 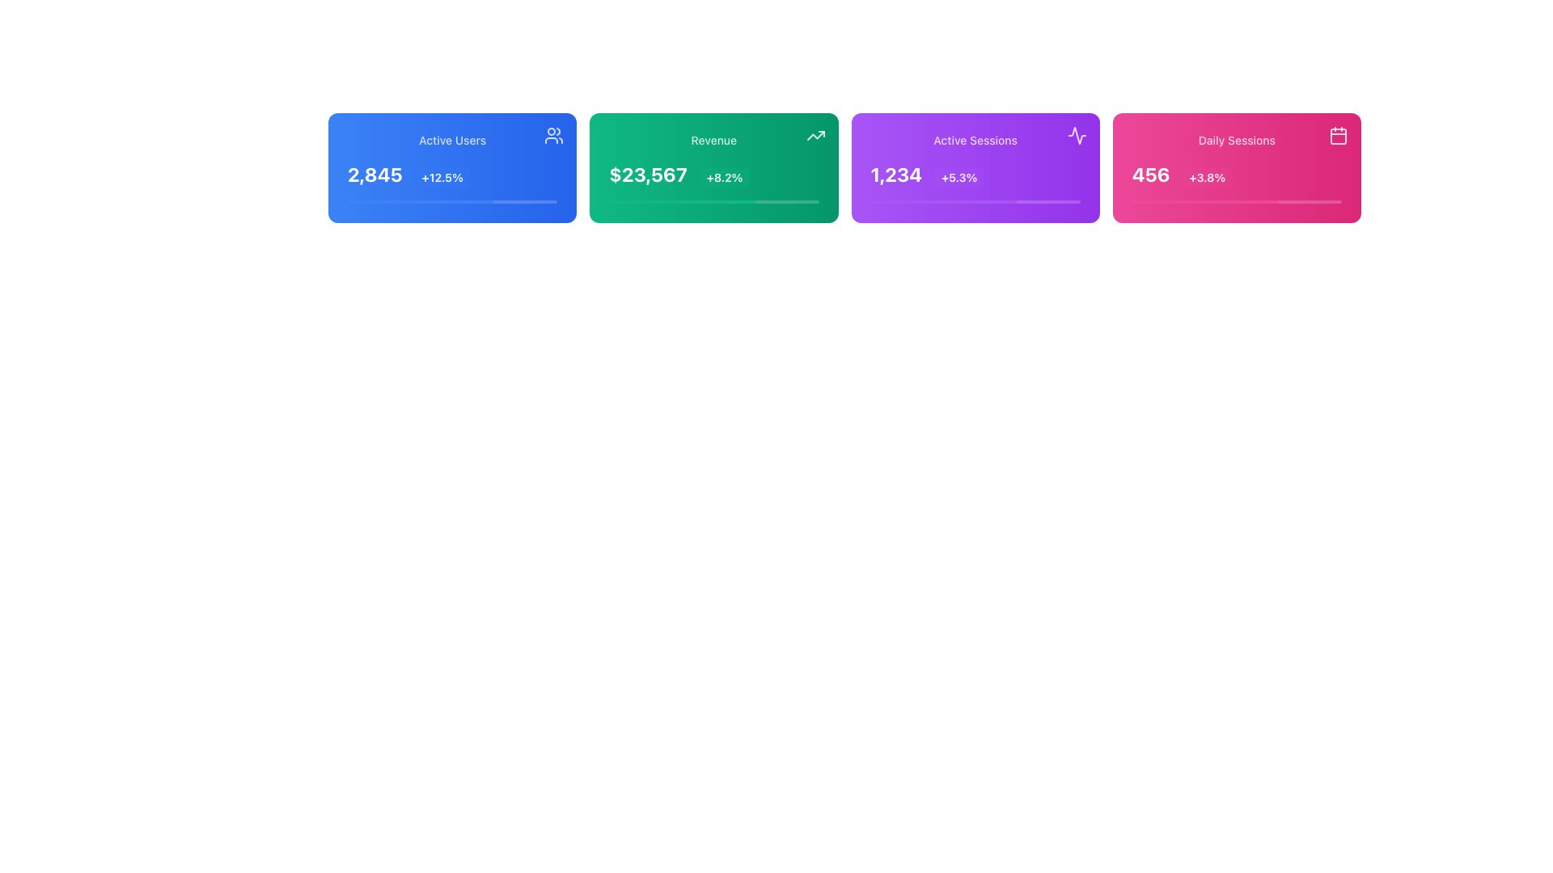 I want to click on the 'Active Sessions' statistic card, which displays an overview metric and is the third card in a grid layout, so click(x=975, y=168).